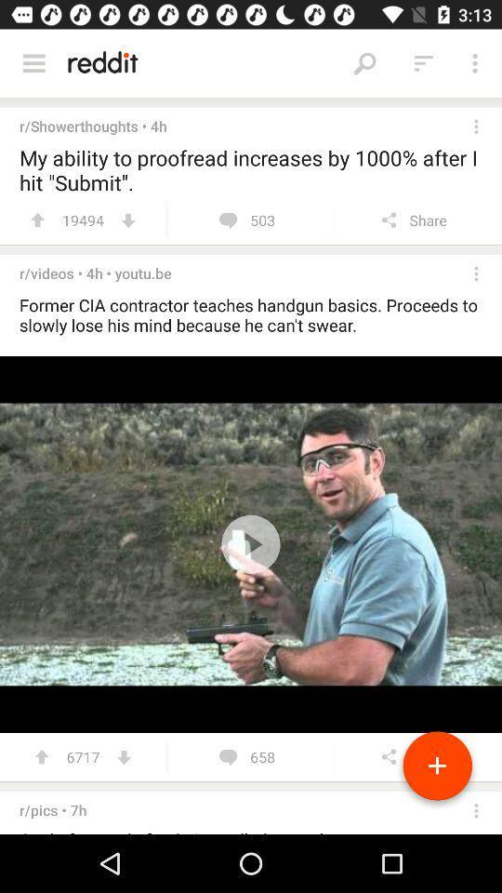 The width and height of the screenshot is (502, 893). Describe the element at coordinates (437, 769) in the screenshot. I see `the add icon` at that location.